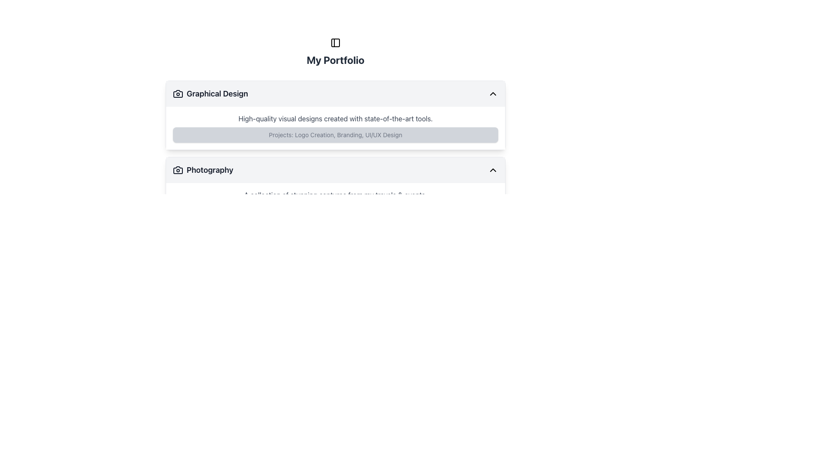  Describe the element at coordinates (177, 94) in the screenshot. I see `the SVG Icon that visually represents the 'Graphical Design' section, located to the left of the 'Graphical Design' text` at that location.